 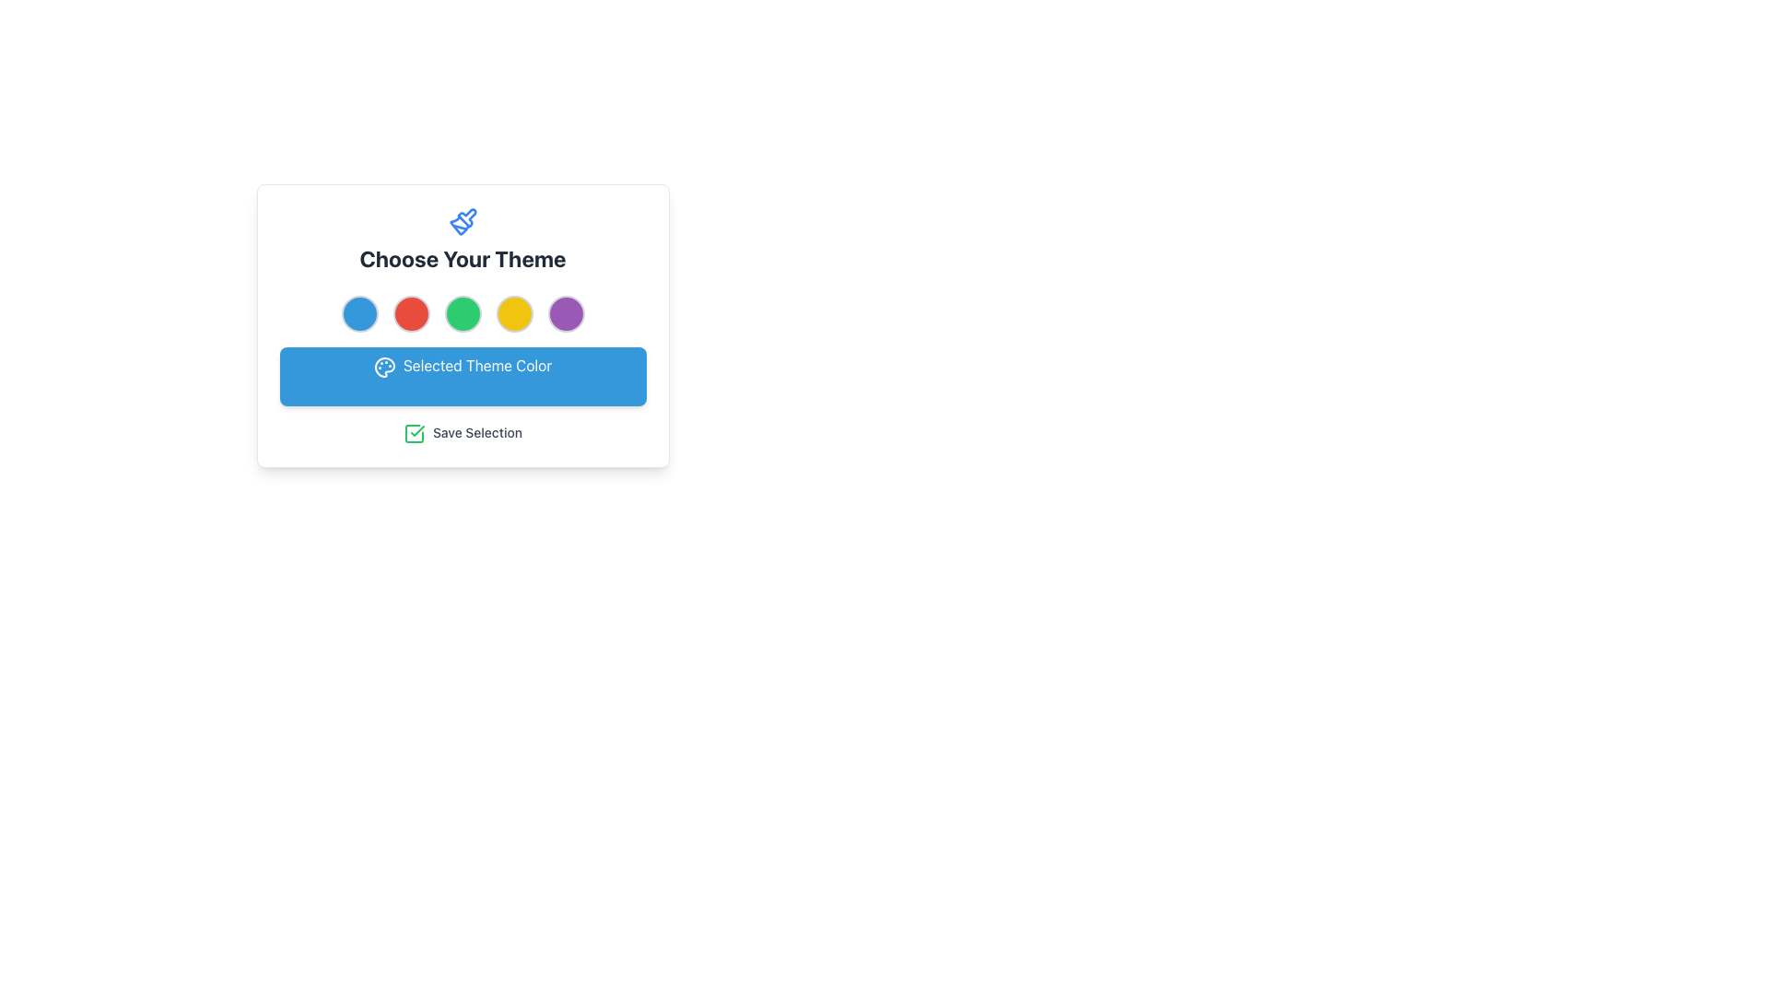 I want to click on the bold text label displaying 'Choose Your Theme', which is styled with a darker gray font and located below a paintbrush icon in the center of the interface, so click(x=463, y=259).